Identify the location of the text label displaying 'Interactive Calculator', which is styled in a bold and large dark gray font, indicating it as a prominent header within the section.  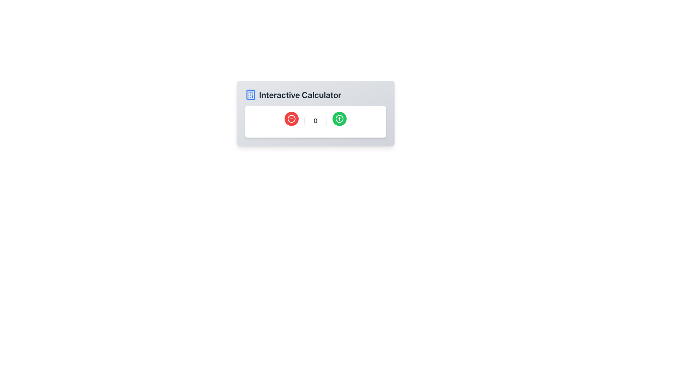
(300, 95).